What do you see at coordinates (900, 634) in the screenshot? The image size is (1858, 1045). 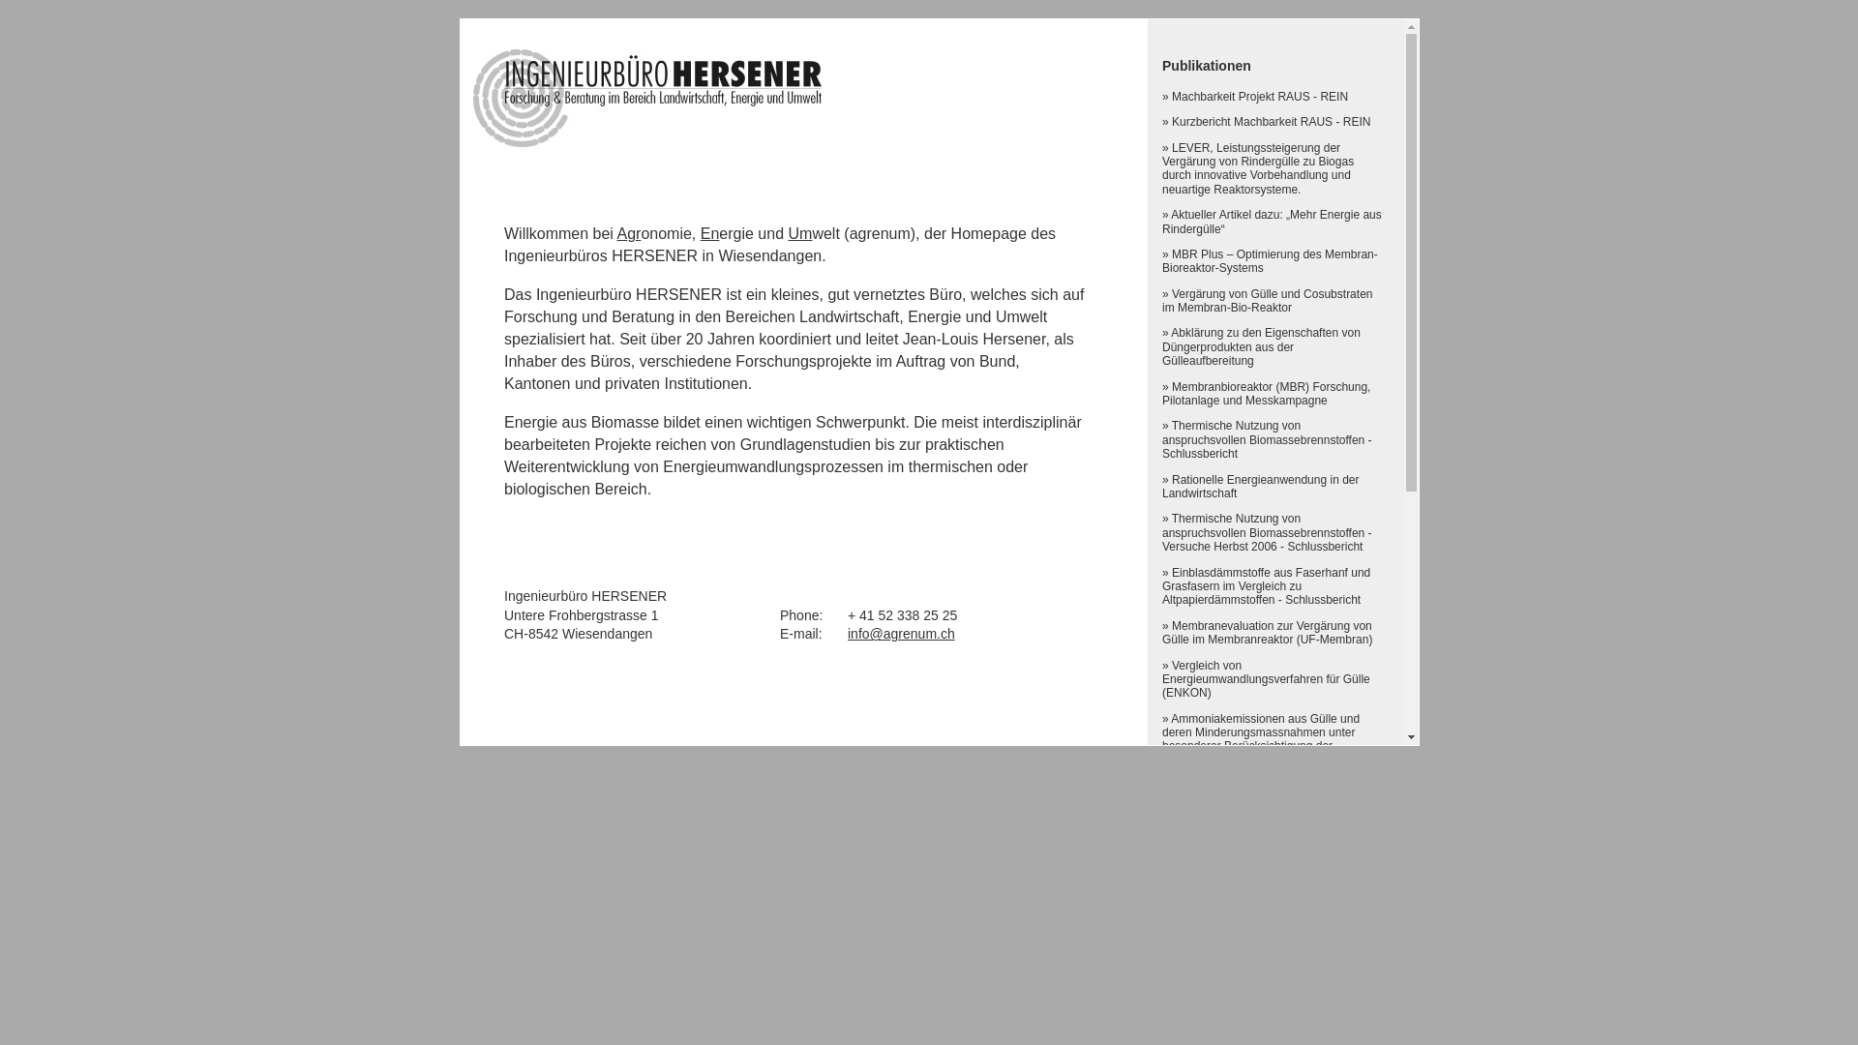 I see `'info@agrenum.ch'` at bounding box center [900, 634].